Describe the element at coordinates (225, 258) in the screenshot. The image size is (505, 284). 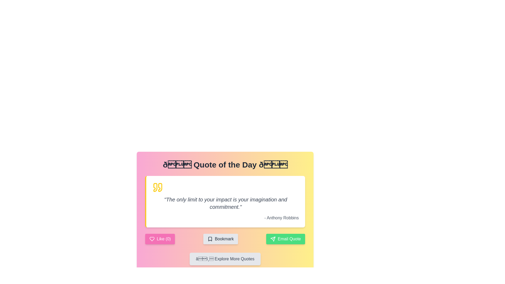
I see `the navigation button at the bottom center of the card` at that location.